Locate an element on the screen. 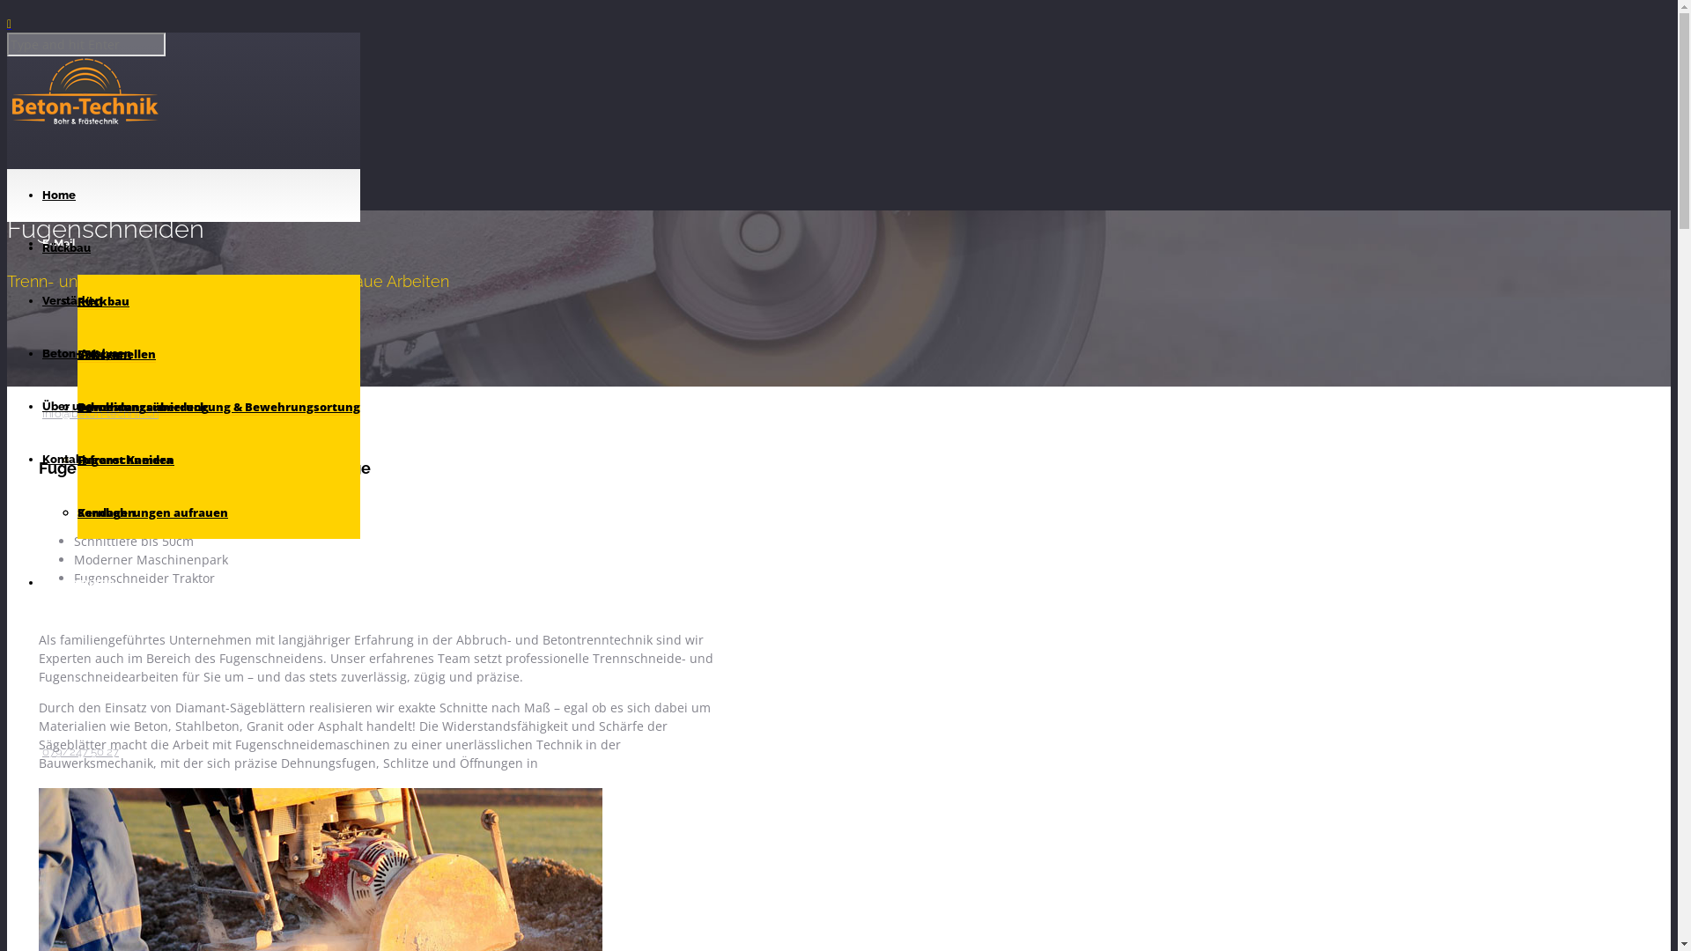 Image resolution: width=1691 pixels, height=951 pixels. 'Kernbohrungen aufrauen' is located at coordinates (76, 512).